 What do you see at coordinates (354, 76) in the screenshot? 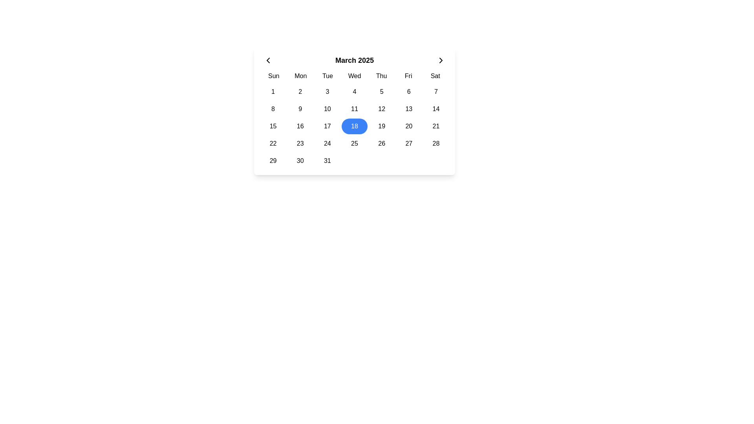
I see `the Text label displaying 'Wed', which is centrally aligned in a bold font and positioned in the middle of the week header, between 'Tue' and 'Thu'` at bounding box center [354, 76].